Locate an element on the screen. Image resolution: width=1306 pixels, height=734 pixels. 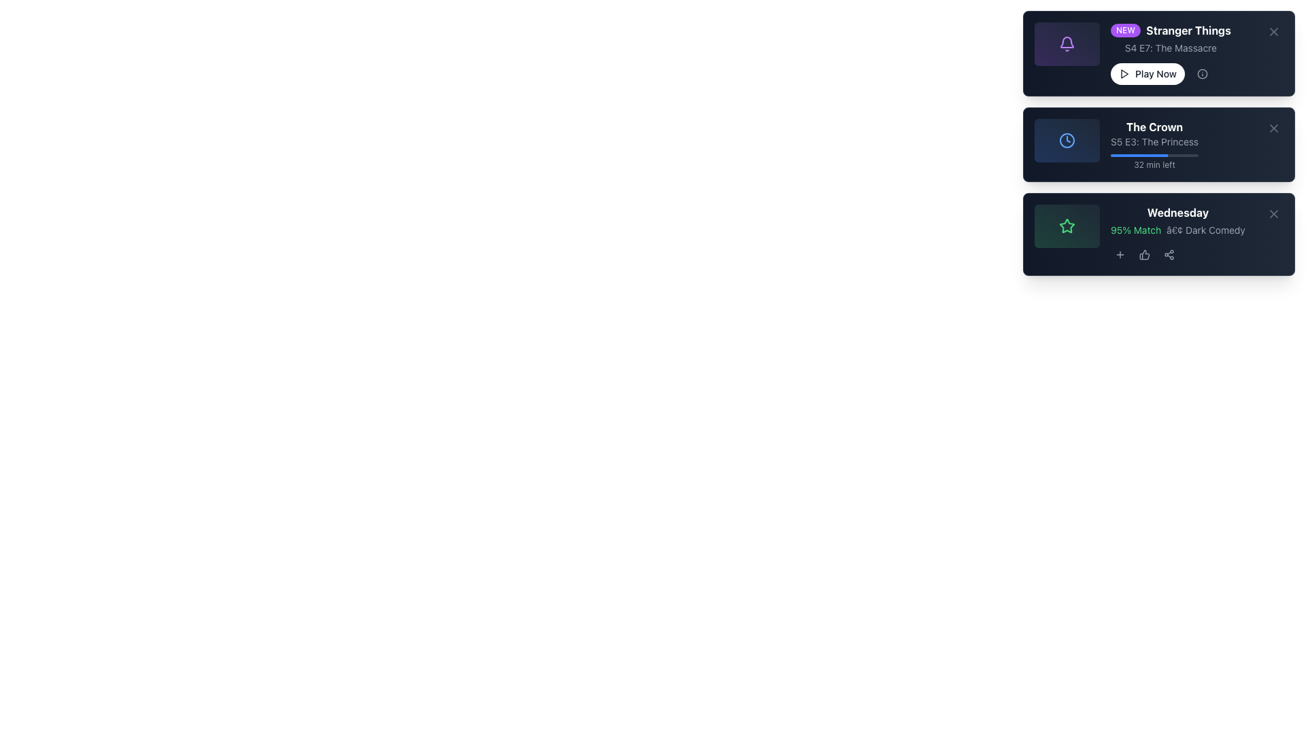
information displayed in the text label that reads '95% Match • Dark Comedy', which is styled with green bold text and lighter gray text, located below the title 'Wednesday' and to the right of a green star icon is located at coordinates (1139, 233).